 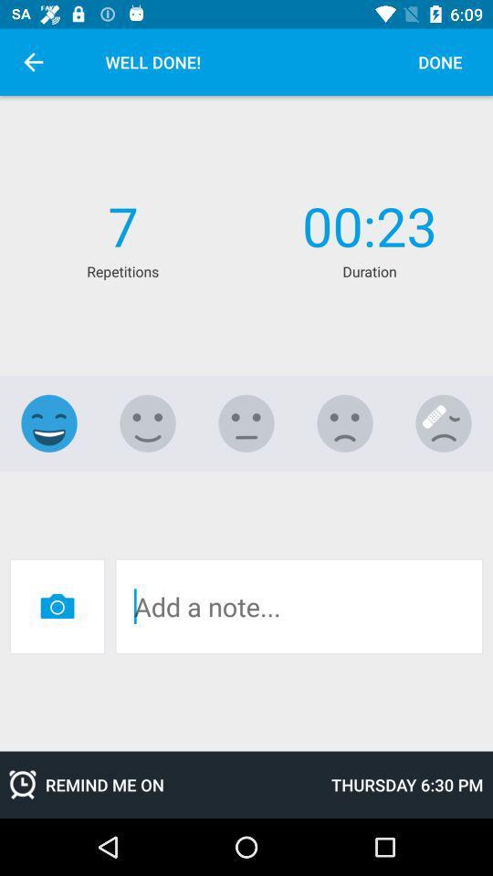 What do you see at coordinates (161, 784) in the screenshot?
I see `remind me on item` at bounding box center [161, 784].